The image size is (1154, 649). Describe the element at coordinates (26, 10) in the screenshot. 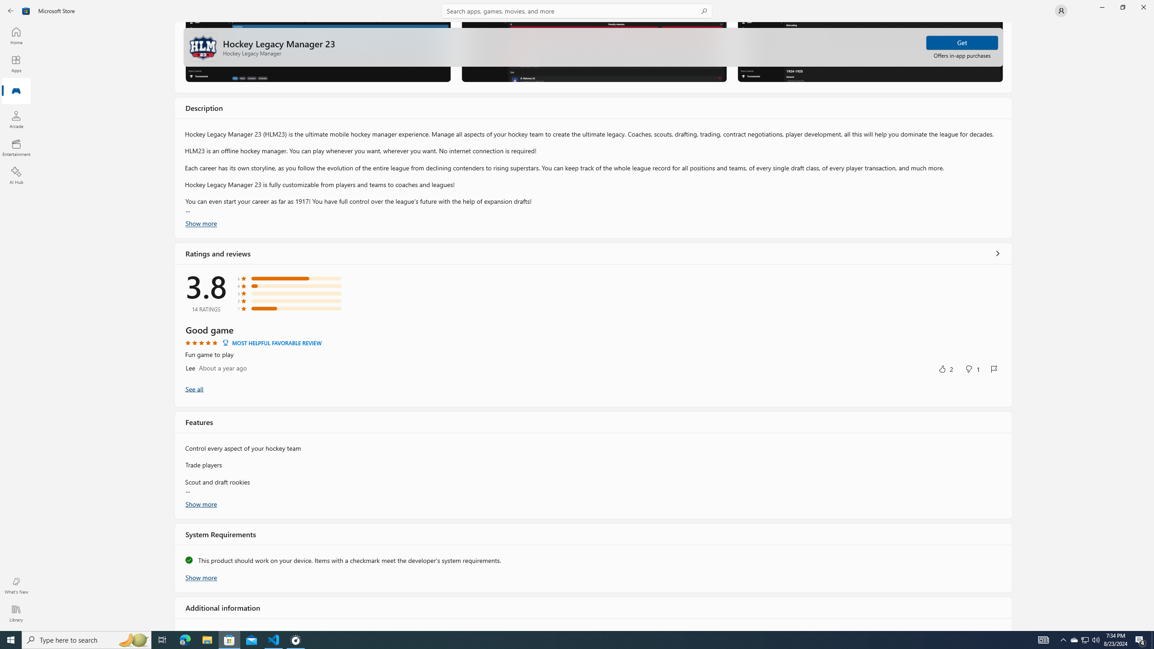

I see `'Class: Image'` at that location.